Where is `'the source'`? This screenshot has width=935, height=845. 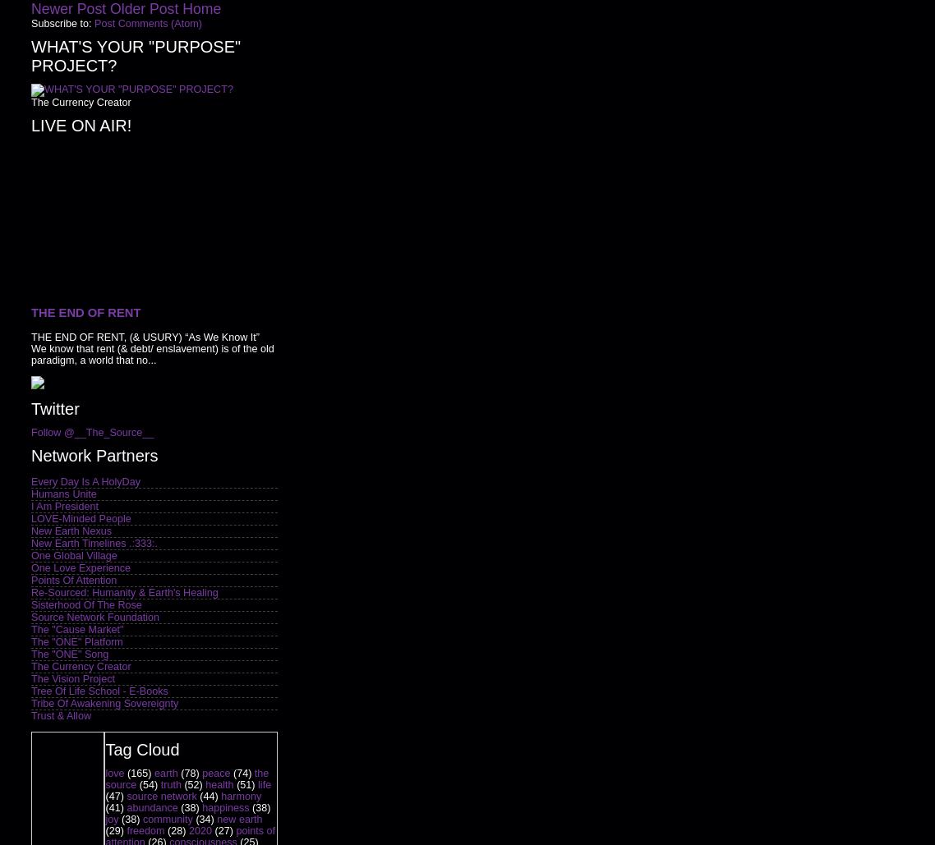 'the source' is located at coordinates (186, 779).